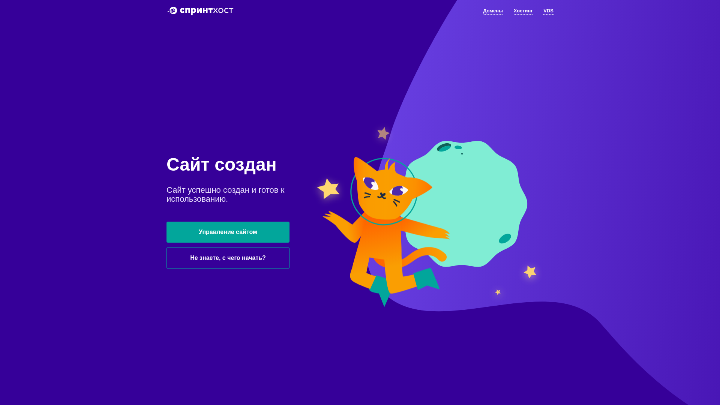  I want to click on 'VDS', so click(548, 11).